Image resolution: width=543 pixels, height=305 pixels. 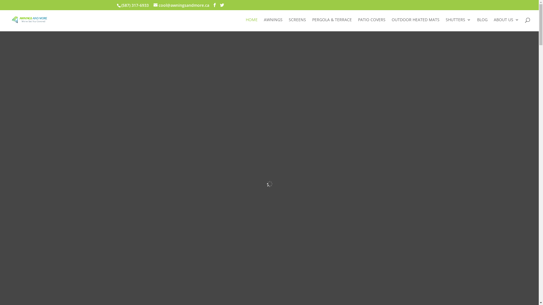 What do you see at coordinates (153, 5) in the screenshot?
I see `'cool@awningsandmore.ca'` at bounding box center [153, 5].